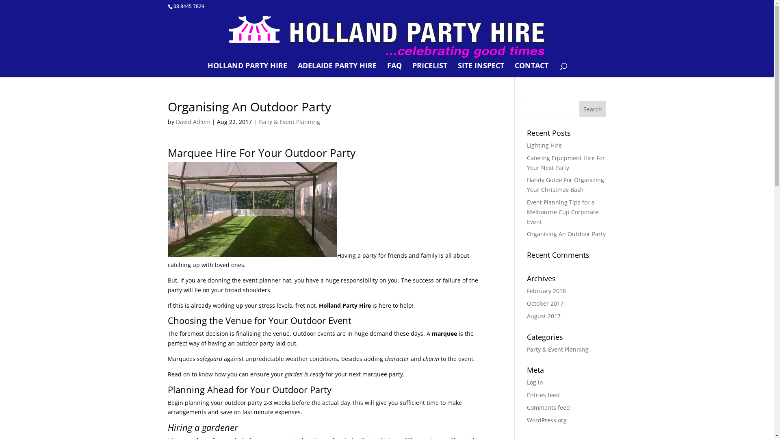 The image size is (780, 439). Describe the element at coordinates (289, 122) in the screenshot. I see `'Party & Event Planning'` at that location.